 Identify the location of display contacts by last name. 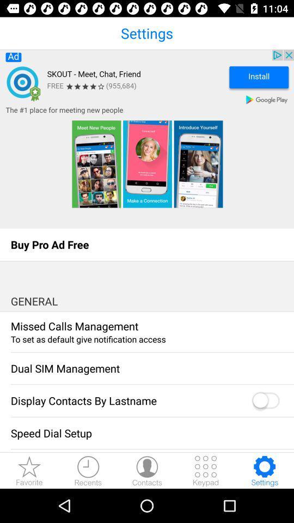
(265, 400).